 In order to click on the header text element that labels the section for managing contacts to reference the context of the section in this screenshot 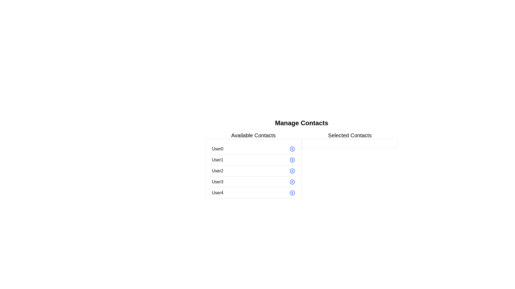, I will do `click(301, 123)`.